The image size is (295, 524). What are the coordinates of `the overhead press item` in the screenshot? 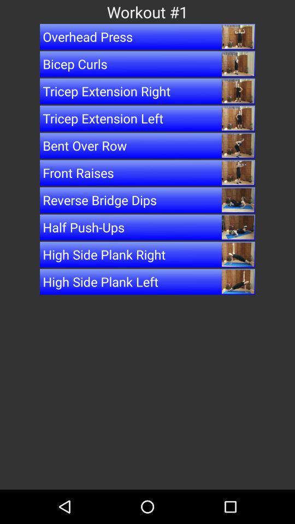 It's located at (147, 37).